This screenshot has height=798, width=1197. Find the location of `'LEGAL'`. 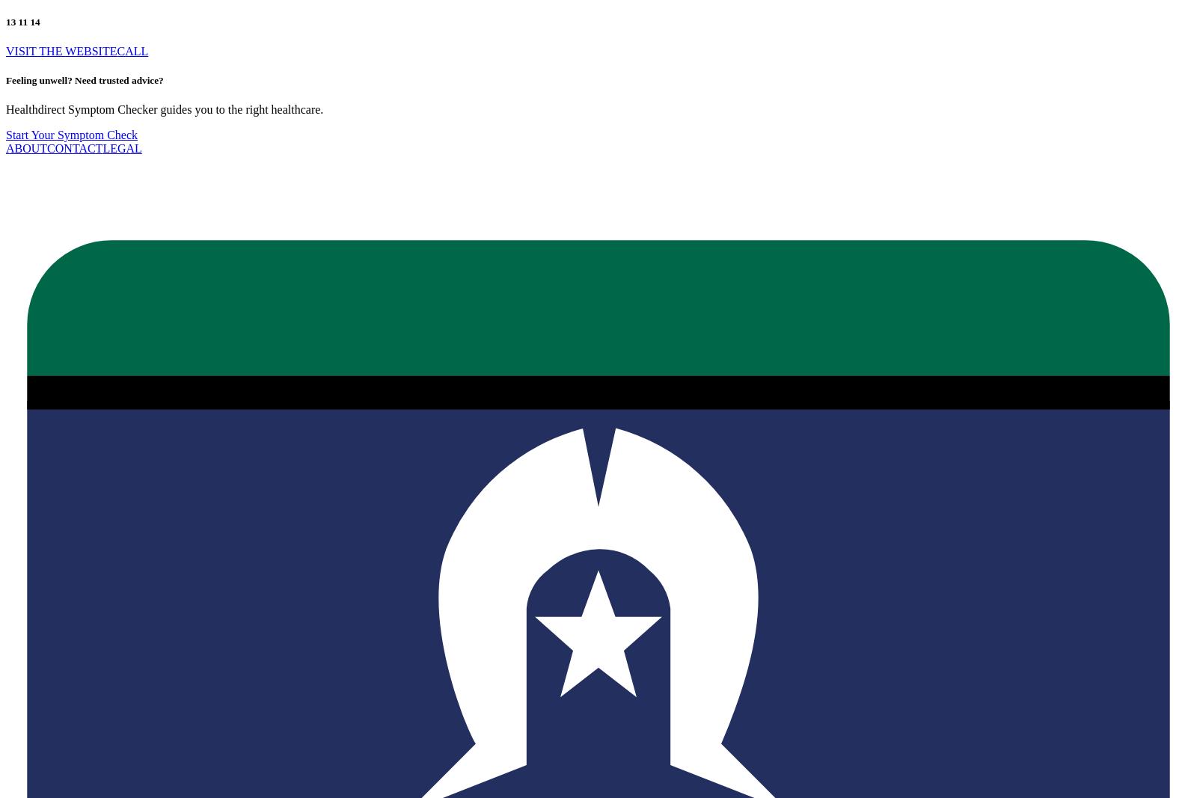

'LEGAL' is located at coordinates (121, 148).